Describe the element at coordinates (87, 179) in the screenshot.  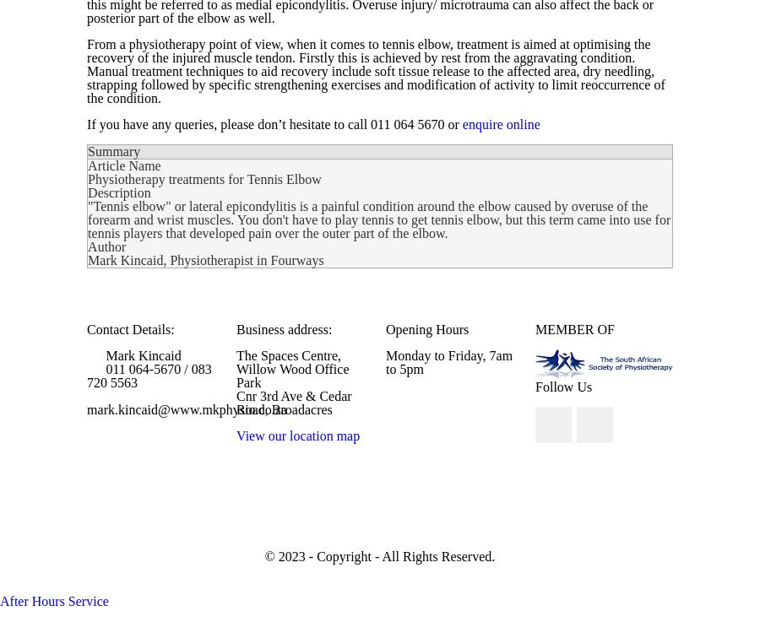
I see `'Physiotherapy treatments for Tennis Elbow'` at that location.